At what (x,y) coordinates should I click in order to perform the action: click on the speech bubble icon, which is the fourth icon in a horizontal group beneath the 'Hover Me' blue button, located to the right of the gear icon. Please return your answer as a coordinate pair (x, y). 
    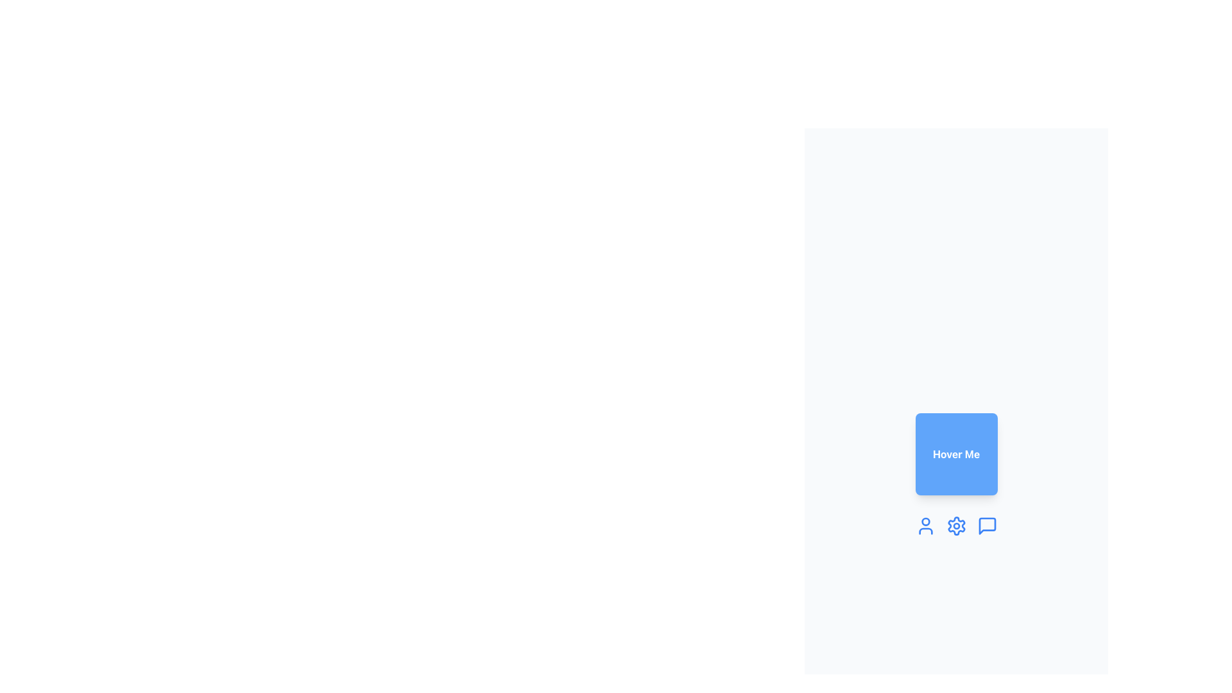
    Looking at the image, I should click on (986, 526).